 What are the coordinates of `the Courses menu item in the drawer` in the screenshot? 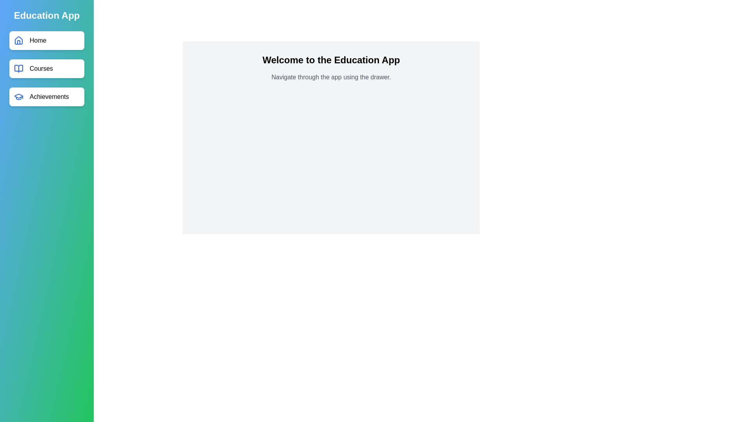 It's located at (46, 68).